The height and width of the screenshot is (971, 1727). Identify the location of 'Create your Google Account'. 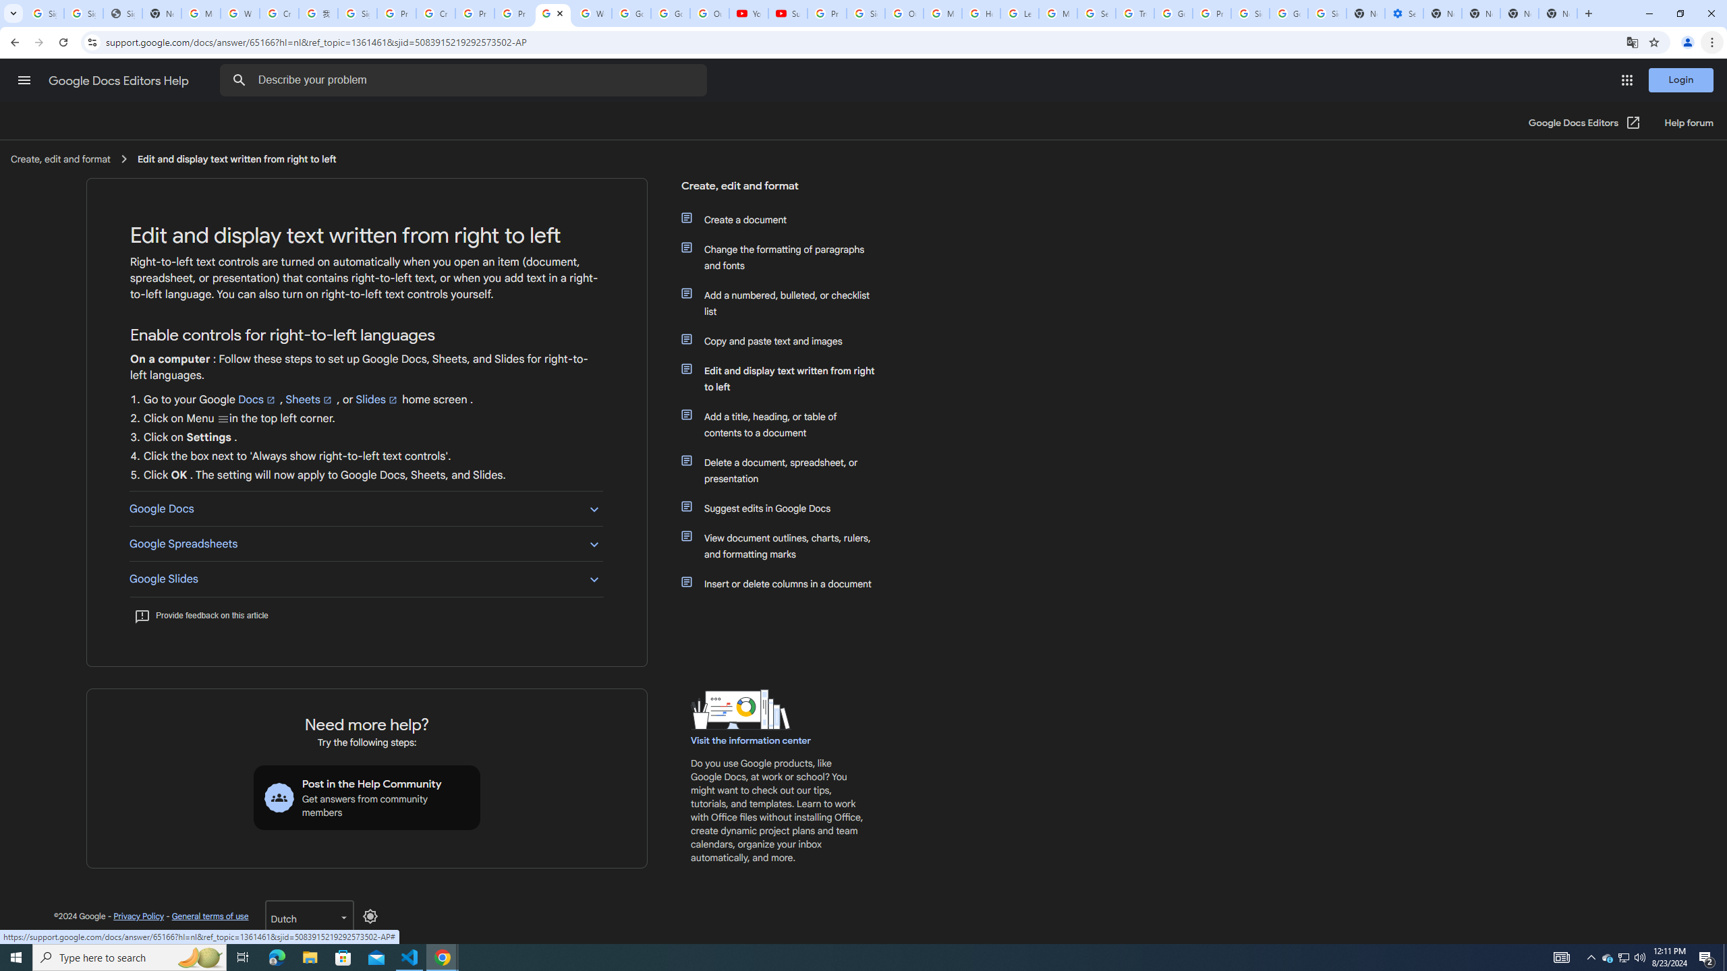
(435, 13).